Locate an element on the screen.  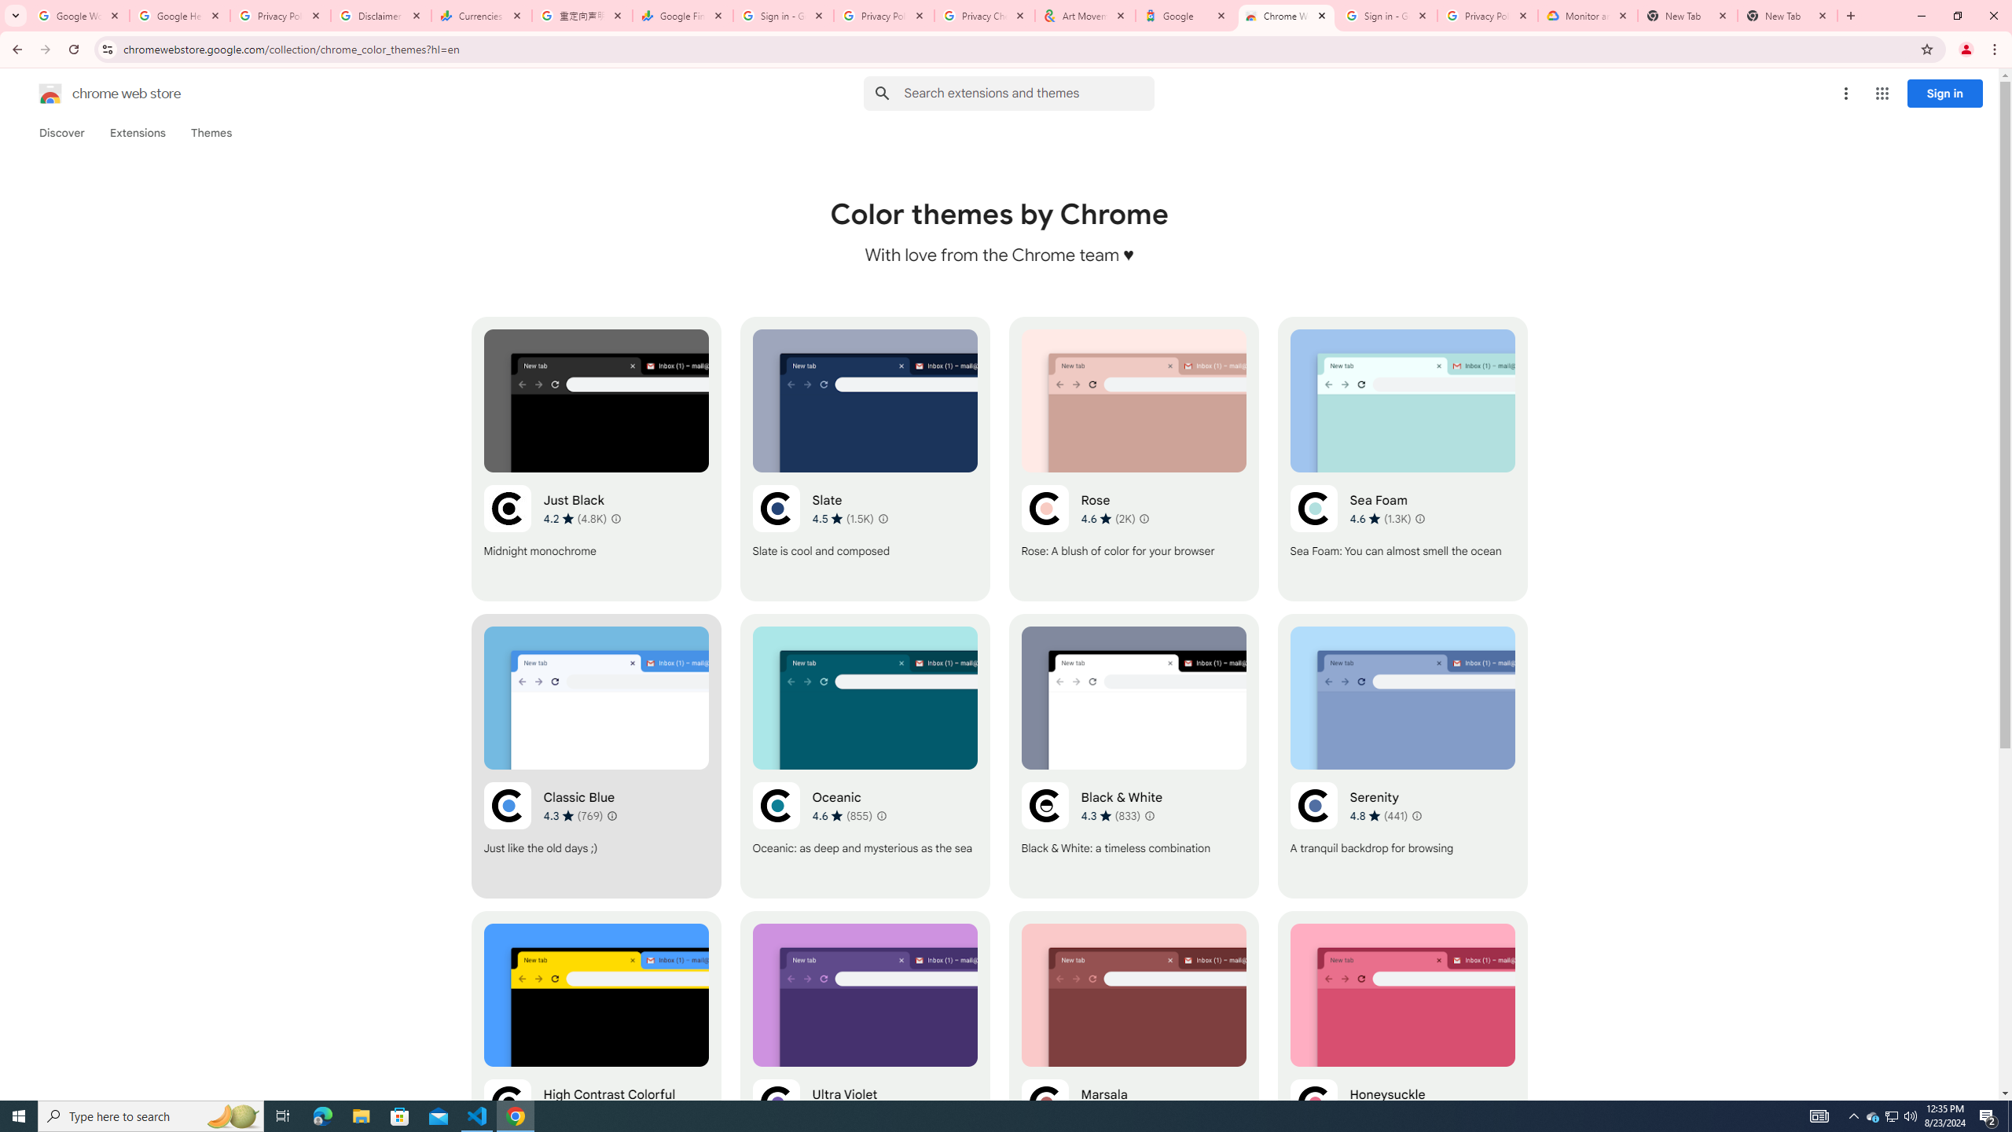
'Serenity' is located at coordinates (1402, 755).